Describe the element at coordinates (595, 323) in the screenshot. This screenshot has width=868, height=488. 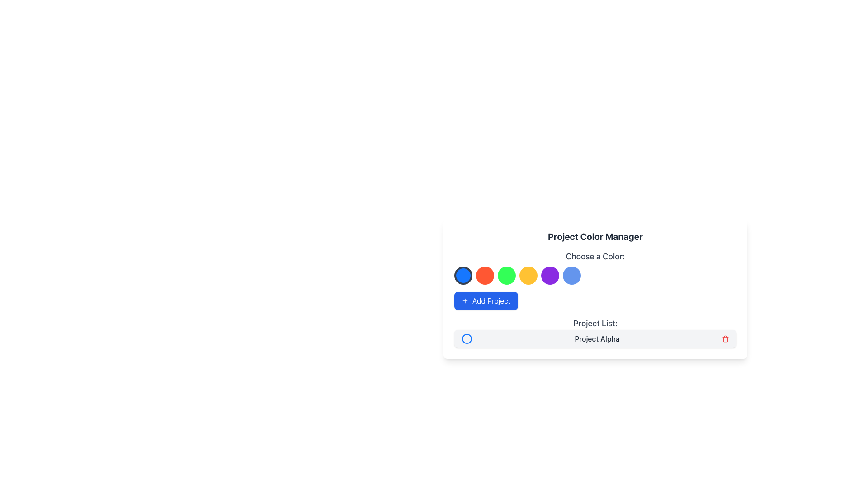
I see `the text label that serves as a header for the project list, positioned below the 'Choose a Color:' section and above 'Project Alpha'` at that location.